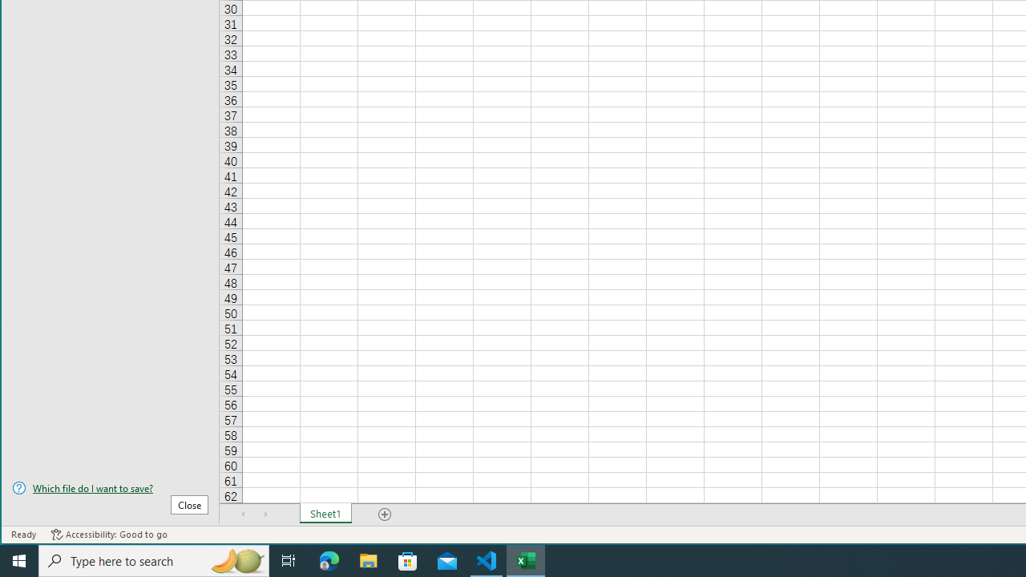 Image resolution: width=1026 pixels, height=577 pixels. Describe the element at coordinates (154, 559) in the screenshot. I see `'Type here to search'` at that location.